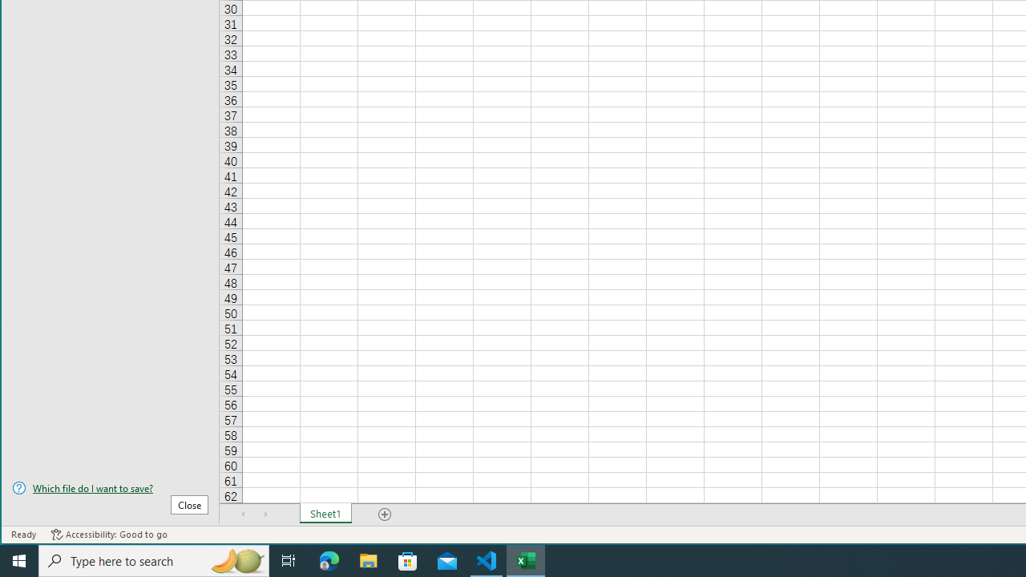 Image resolution: width=1026 pixels, height=577 pixels. Describe the element at coordinates (154, 559) in the screenshot. I see `'Type here to search'` at that location.